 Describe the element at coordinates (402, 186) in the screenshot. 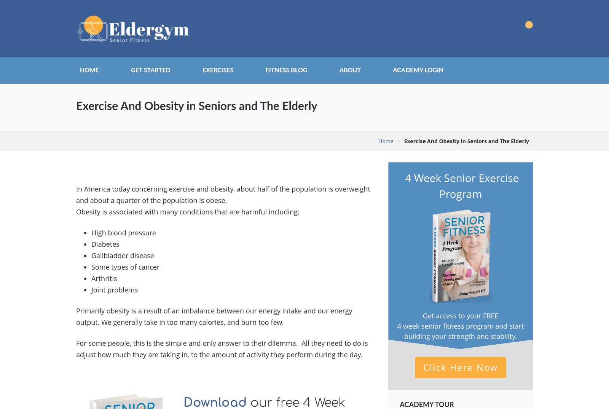

I see `'4 Week Senior Exercise Program'` at that location.